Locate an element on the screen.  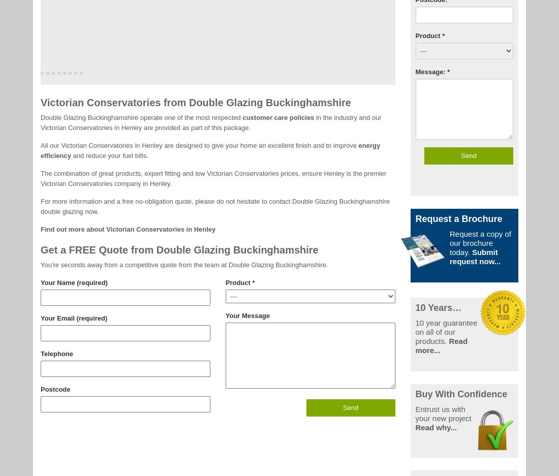
'Find out more about Victorian Conservatories in Henley' is located at coordinates (128, 228).